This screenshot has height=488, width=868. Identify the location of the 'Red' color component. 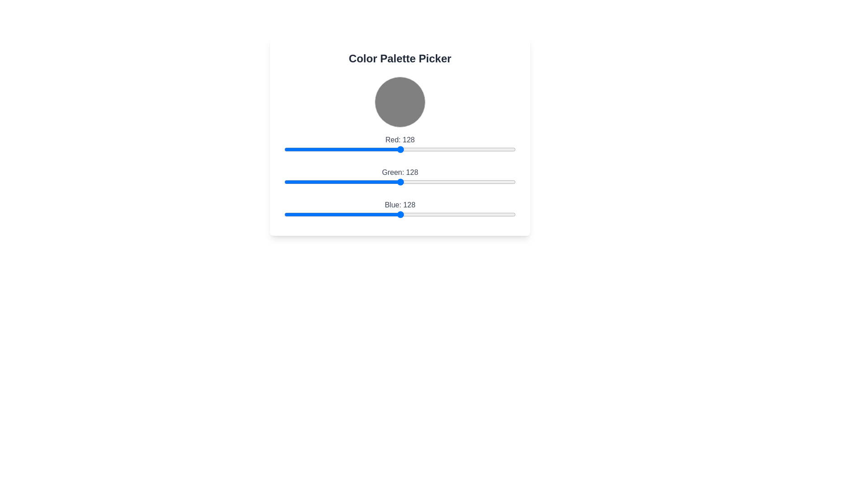
(357, 149).